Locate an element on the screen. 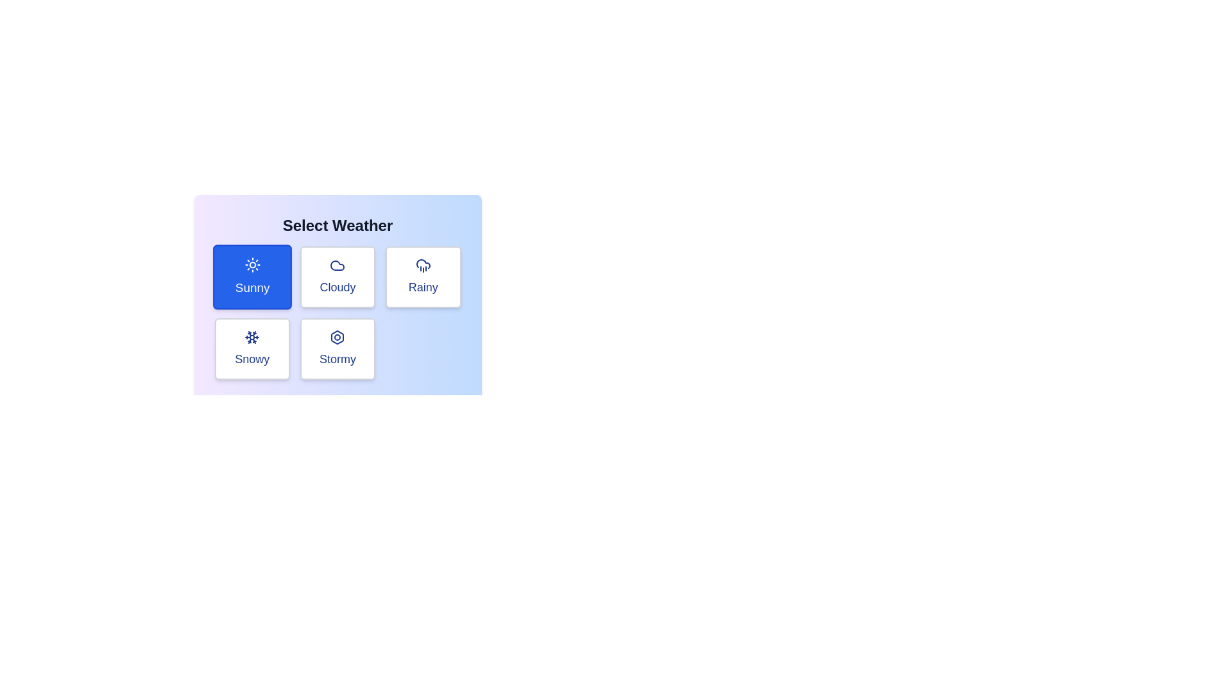 The width and height of the screenshot is (1232, 693). the weather selection interface to choose a weather condition is located at coordinates (338, 314).